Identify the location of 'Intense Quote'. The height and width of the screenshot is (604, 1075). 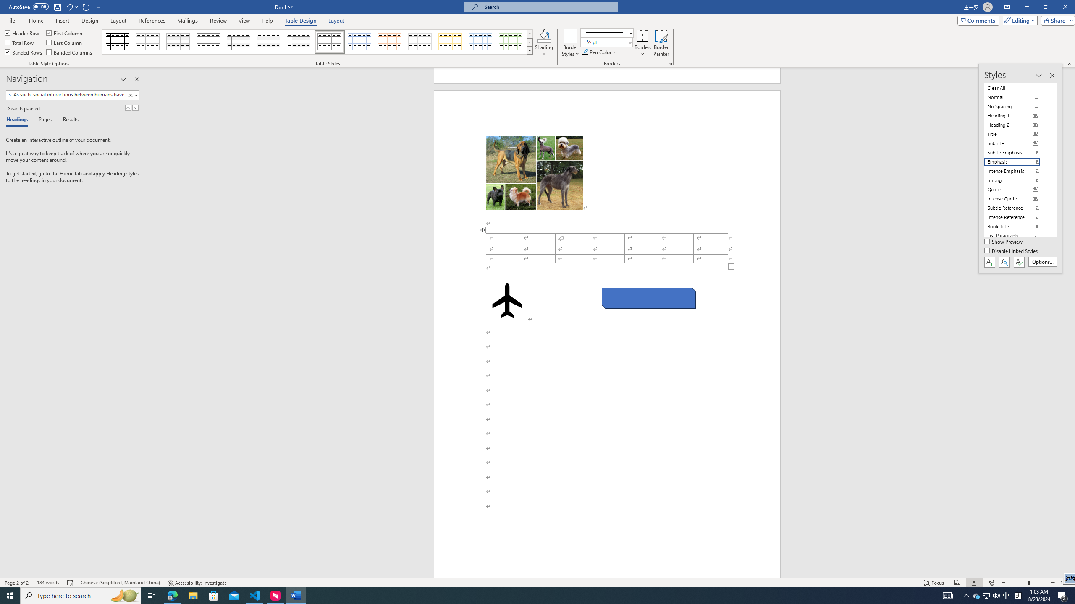
(1017, 199).